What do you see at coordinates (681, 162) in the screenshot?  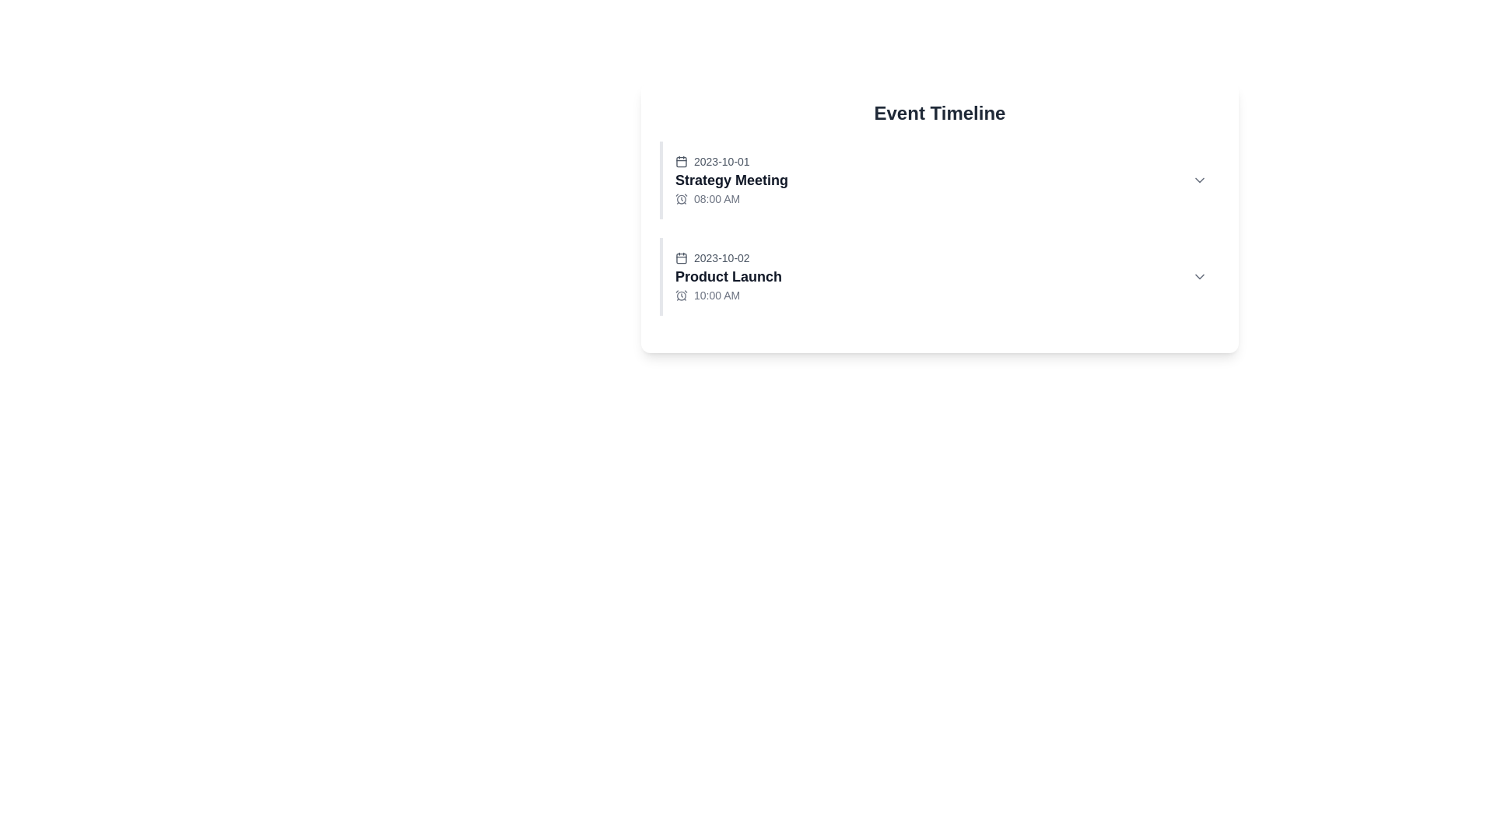 I see `the date entry icon representing '2023-10-01' in the timeline view` at bounding box center [681, 162].